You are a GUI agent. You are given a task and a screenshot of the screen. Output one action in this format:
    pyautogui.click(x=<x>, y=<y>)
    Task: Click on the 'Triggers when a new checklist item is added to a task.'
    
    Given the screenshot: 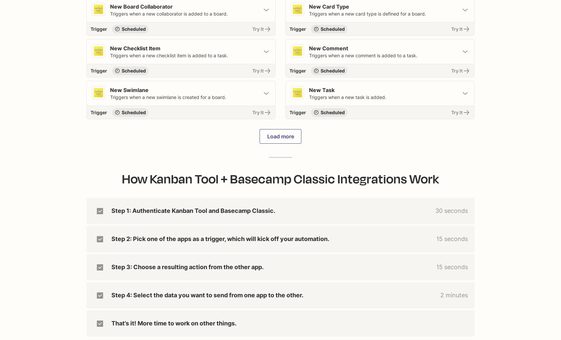 What is the action you would take?
    pyautogui.click(x=169, y=55)
    